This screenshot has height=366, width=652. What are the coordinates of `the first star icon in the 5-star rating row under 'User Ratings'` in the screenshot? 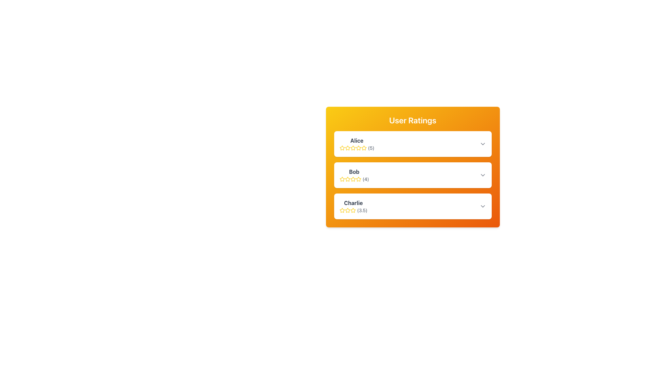 It's located at (347, 210).